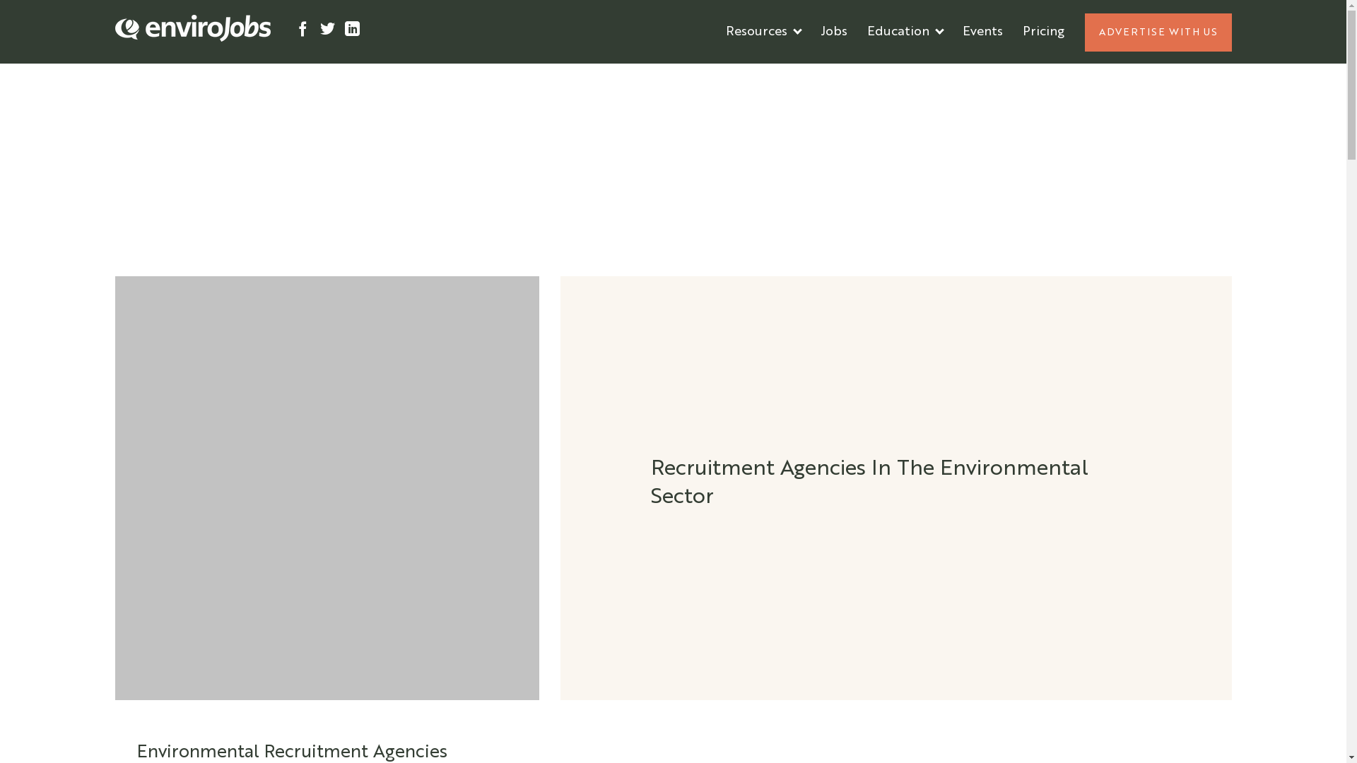  Describe the element at coordinates (815, 74) in the screenshot. I see `'Environmental Job Resources'` at that location.